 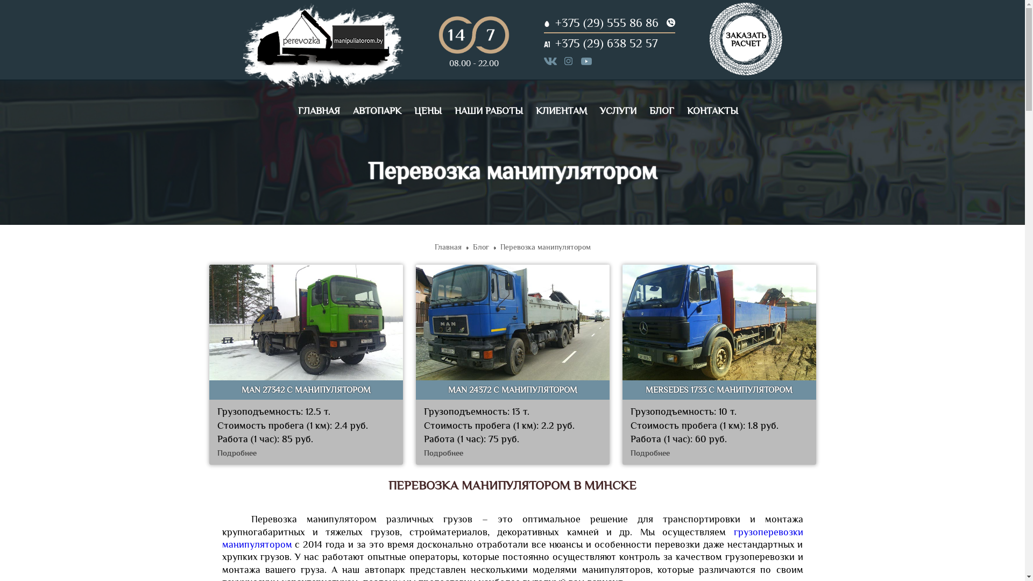 I want to click on '+375 (29) 638 52 57', so click(x=606, y=42).